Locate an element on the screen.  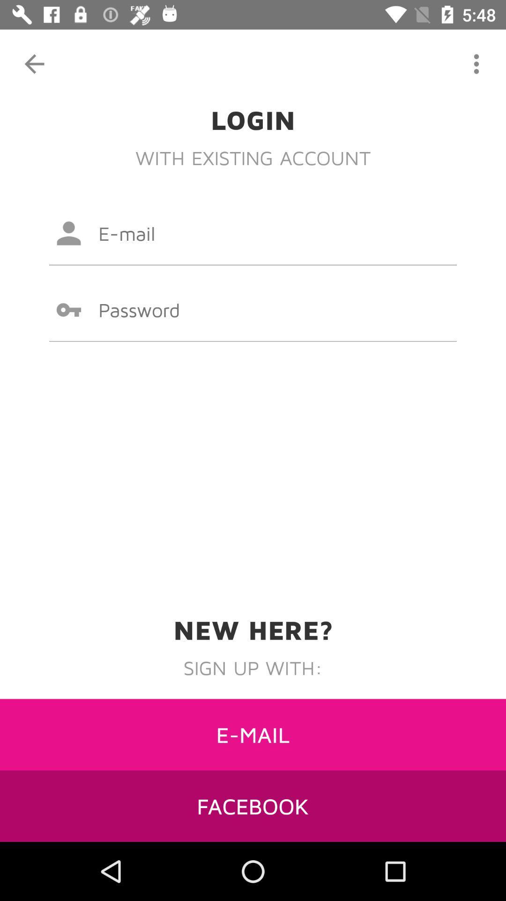
login email is located at coordinates (253, 233).